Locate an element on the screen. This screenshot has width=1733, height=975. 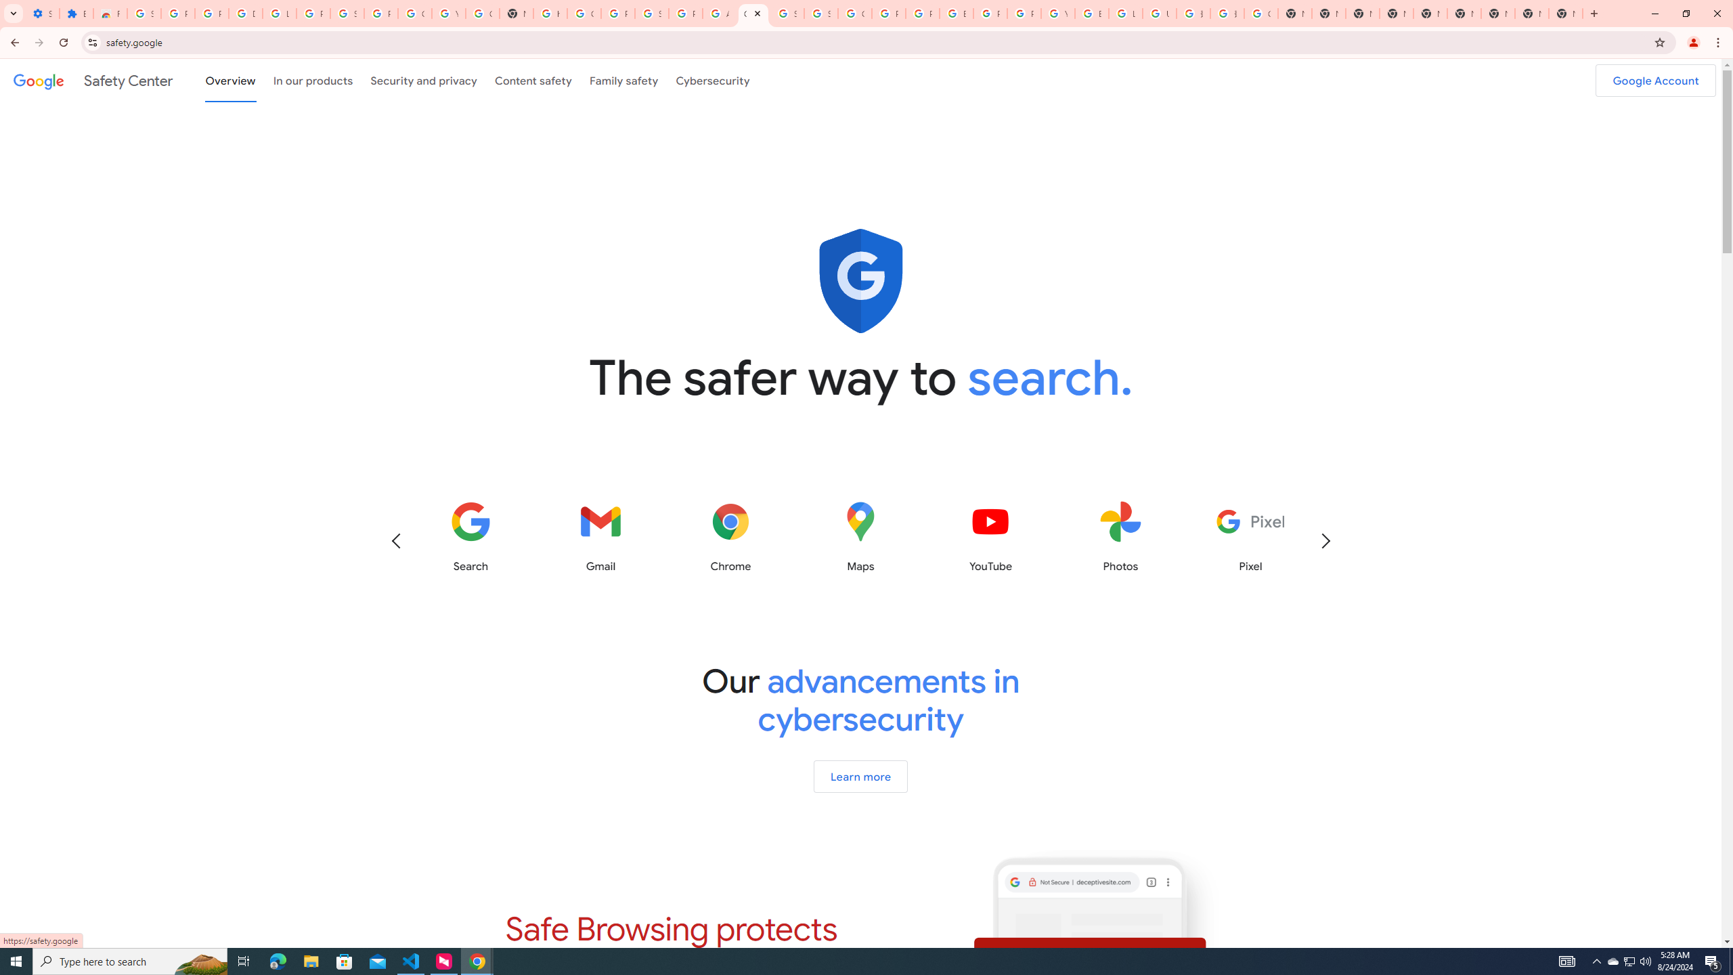
'Google Safety Center - Stay Safer Online' is located at coordinates (753, 13).